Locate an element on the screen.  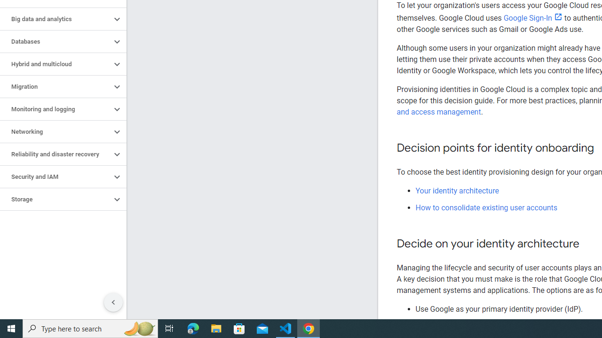
'Hide side navigation' is located at coordinates (113, 302).